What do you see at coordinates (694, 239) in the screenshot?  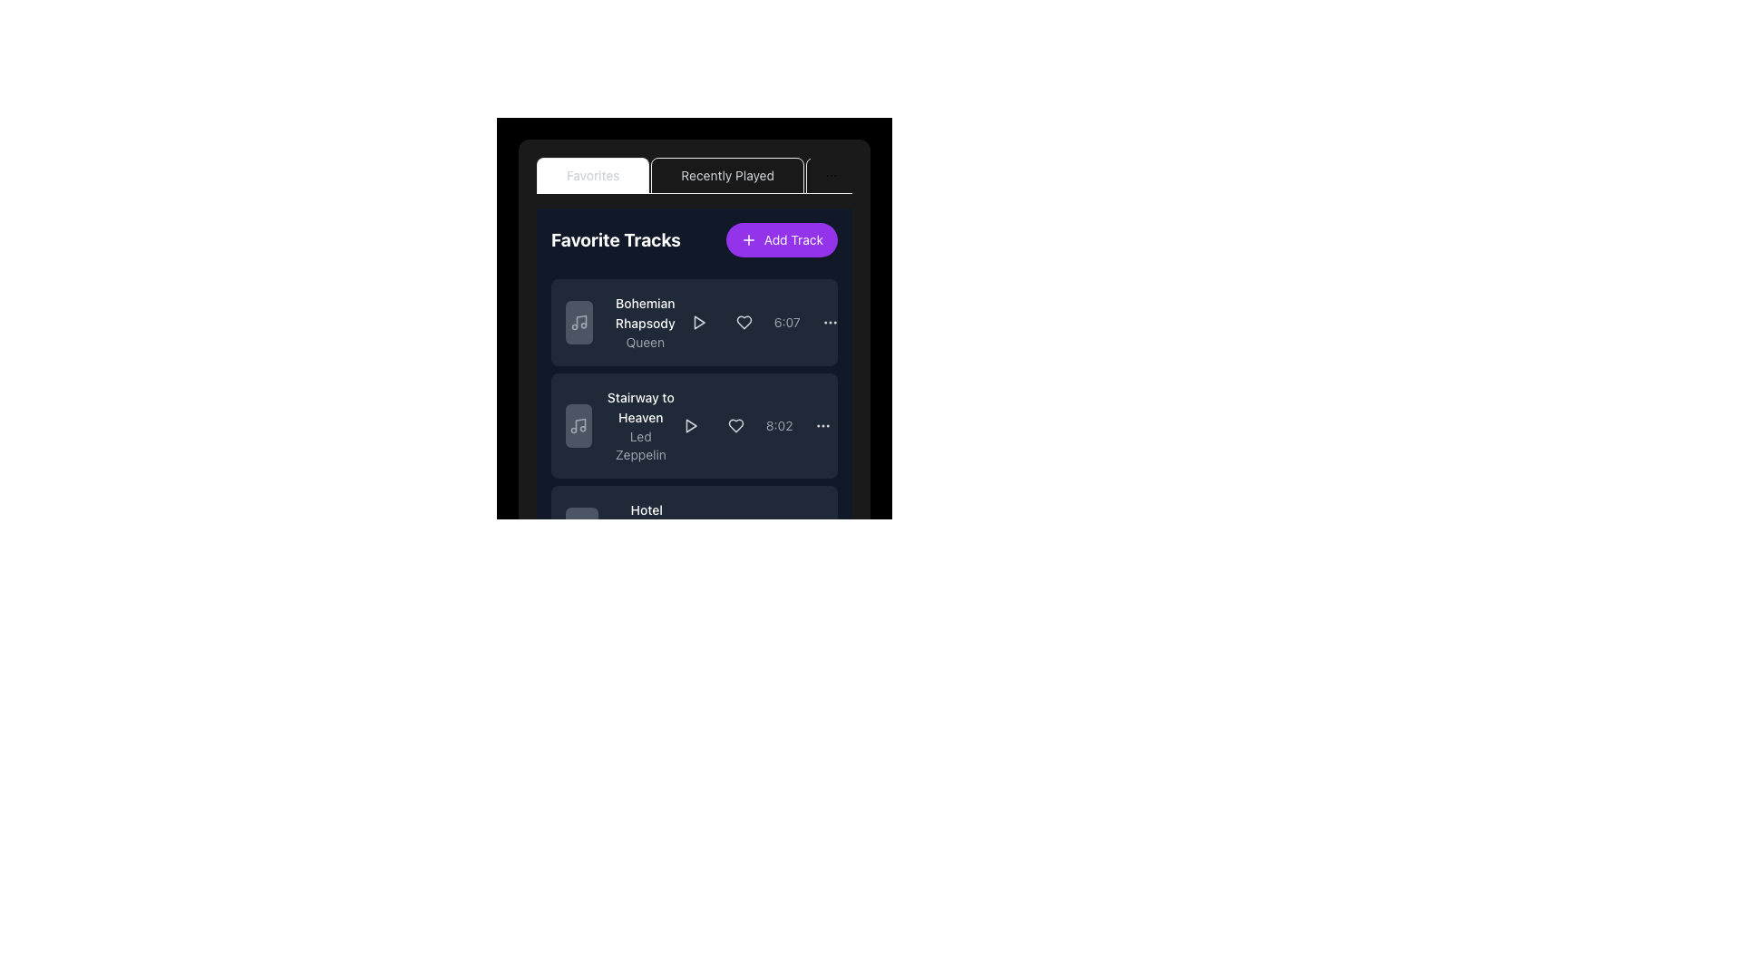 I see `the 'Add Track' button on the Composite element labeled 'Favorite Tracks'` at bounding box center [694, 239].